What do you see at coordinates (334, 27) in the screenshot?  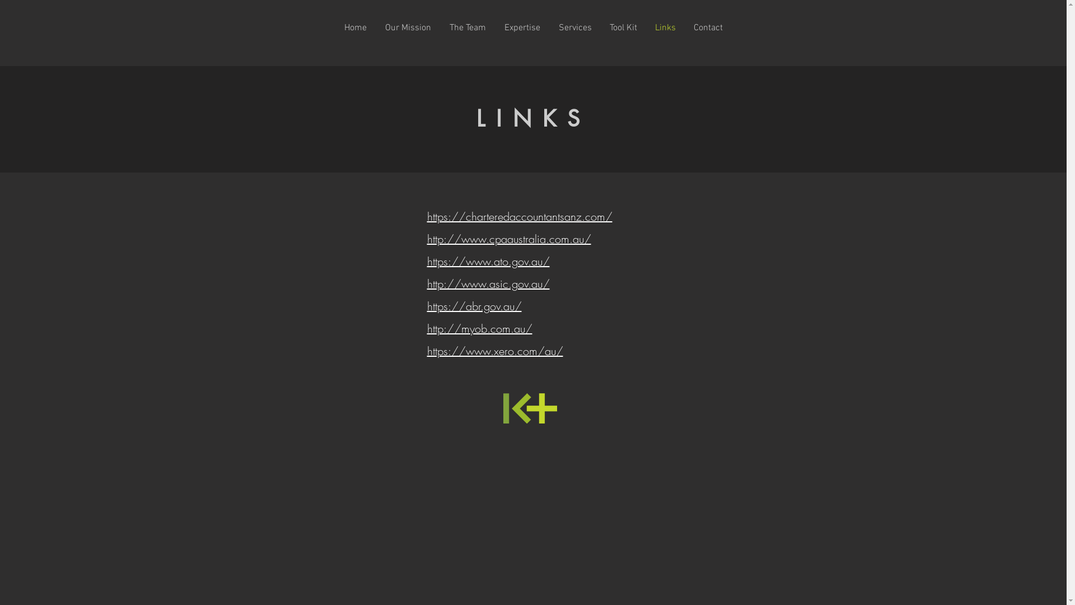 I see `'Home'` at bounding box center [334, 27].